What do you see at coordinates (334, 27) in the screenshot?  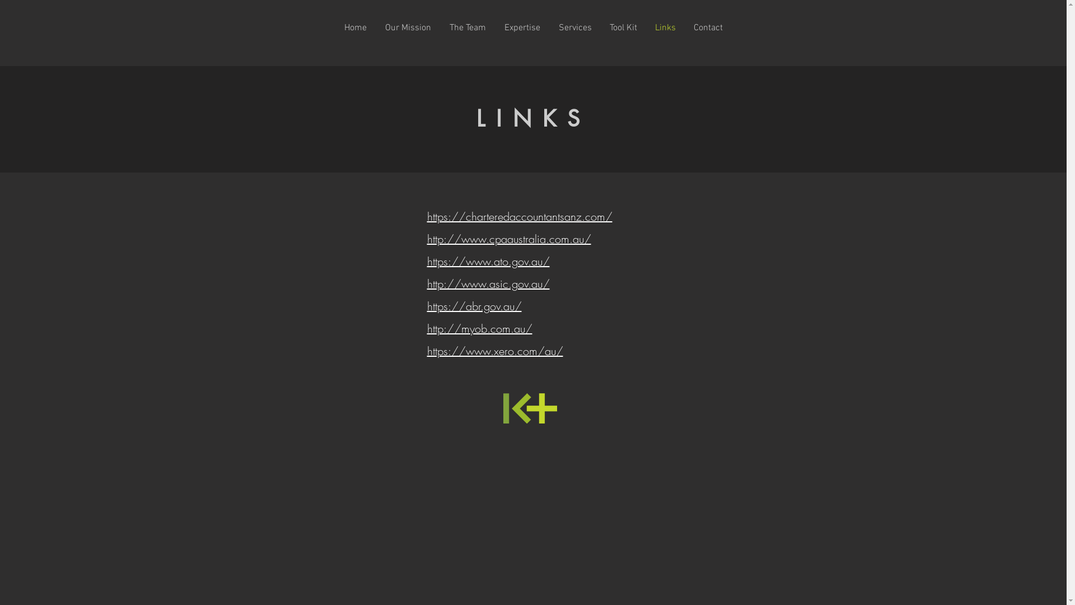 I see `'Home'` at bounding box center [334, 27].